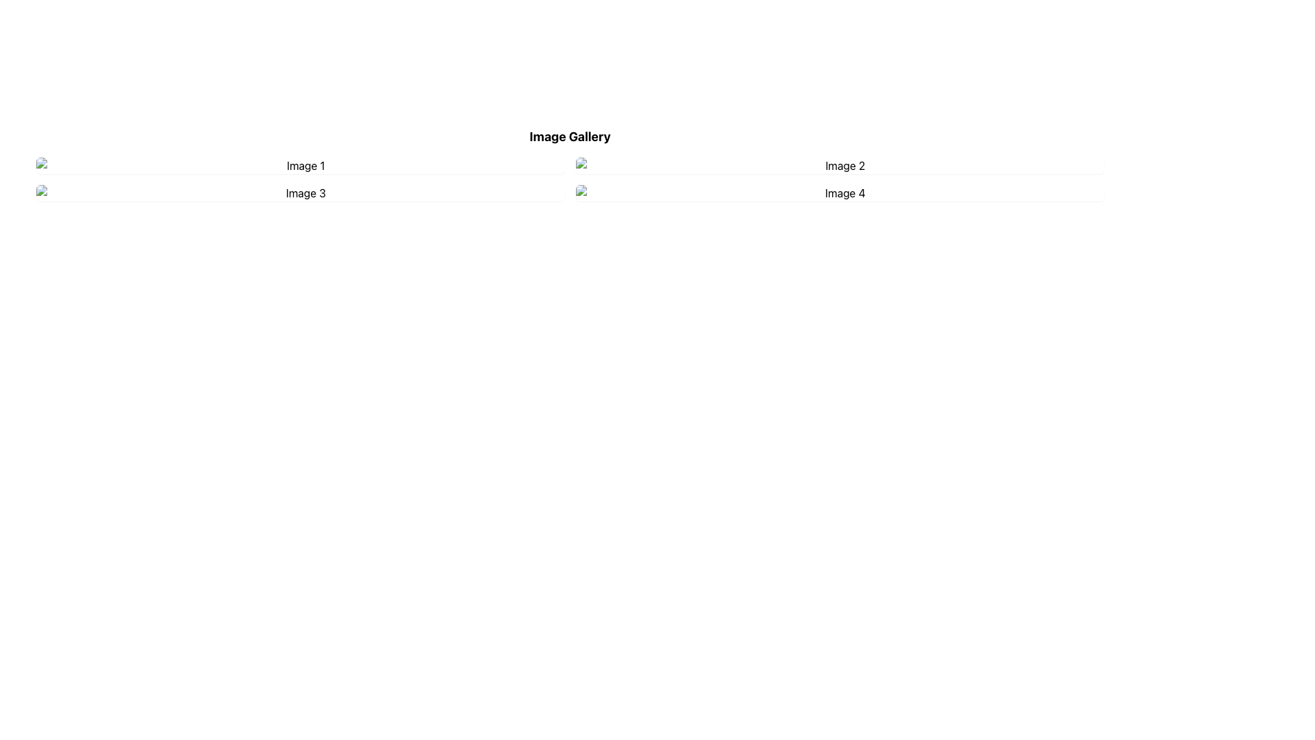 The height and width of the screenshot is (740, 1315). Describe the element at coordinates (299, 165) in the screenshot. I see `the navigation icon located on the right side of 'Image 1' in the gallery` at that location.